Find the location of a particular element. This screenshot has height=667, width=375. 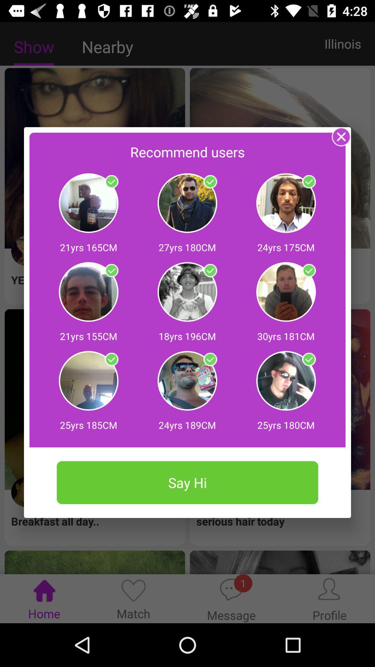

say hi is located at coordinates (111, 182).